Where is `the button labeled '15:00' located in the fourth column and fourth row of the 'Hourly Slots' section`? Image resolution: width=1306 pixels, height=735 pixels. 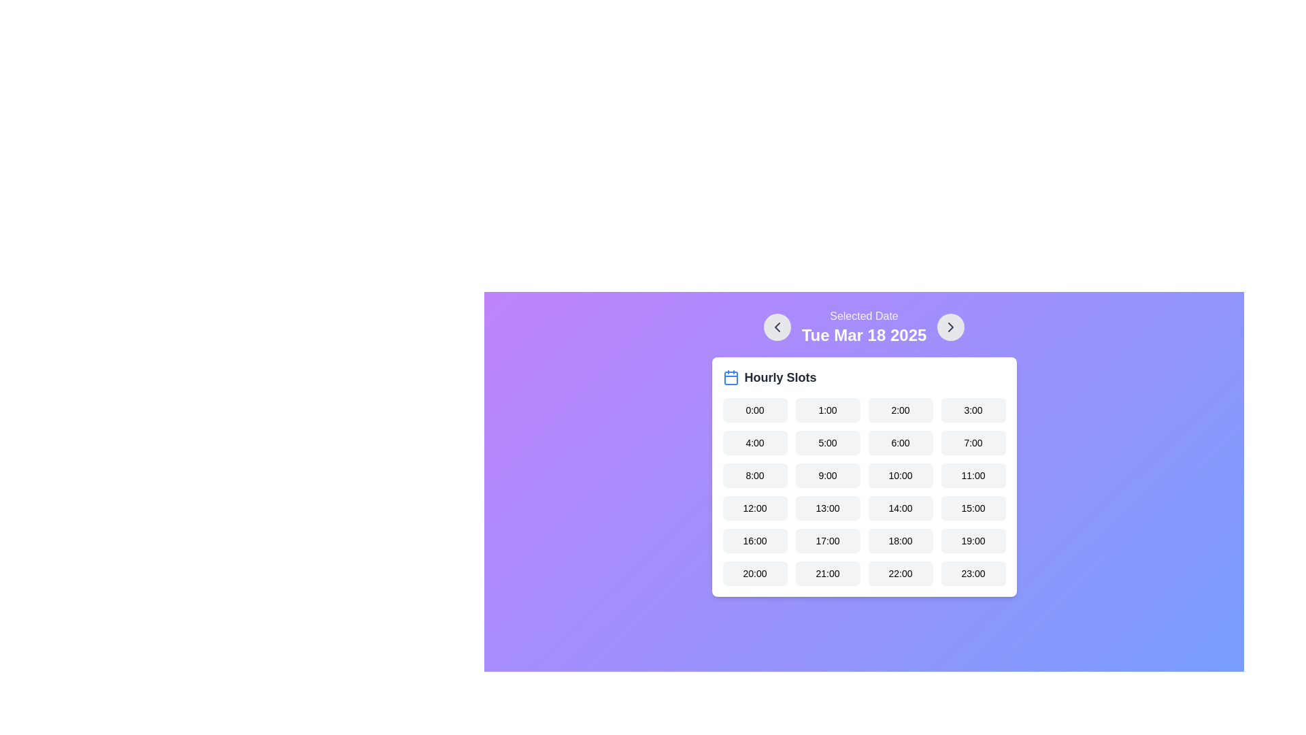 the button labeled '15:00' located in the fourth column and fourth row of the 'Hourly Slots' section is located at coordinates (972, 508).